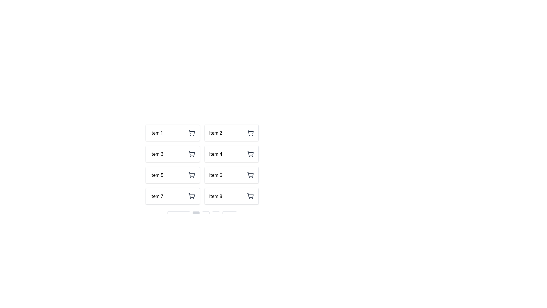 This screenshot has width=547, height=308. Describe the element at coordinates (250, 195) in the screenshot. I see `the shopping cart icon representing 'Item 8' in the online shopping interface` at that location.